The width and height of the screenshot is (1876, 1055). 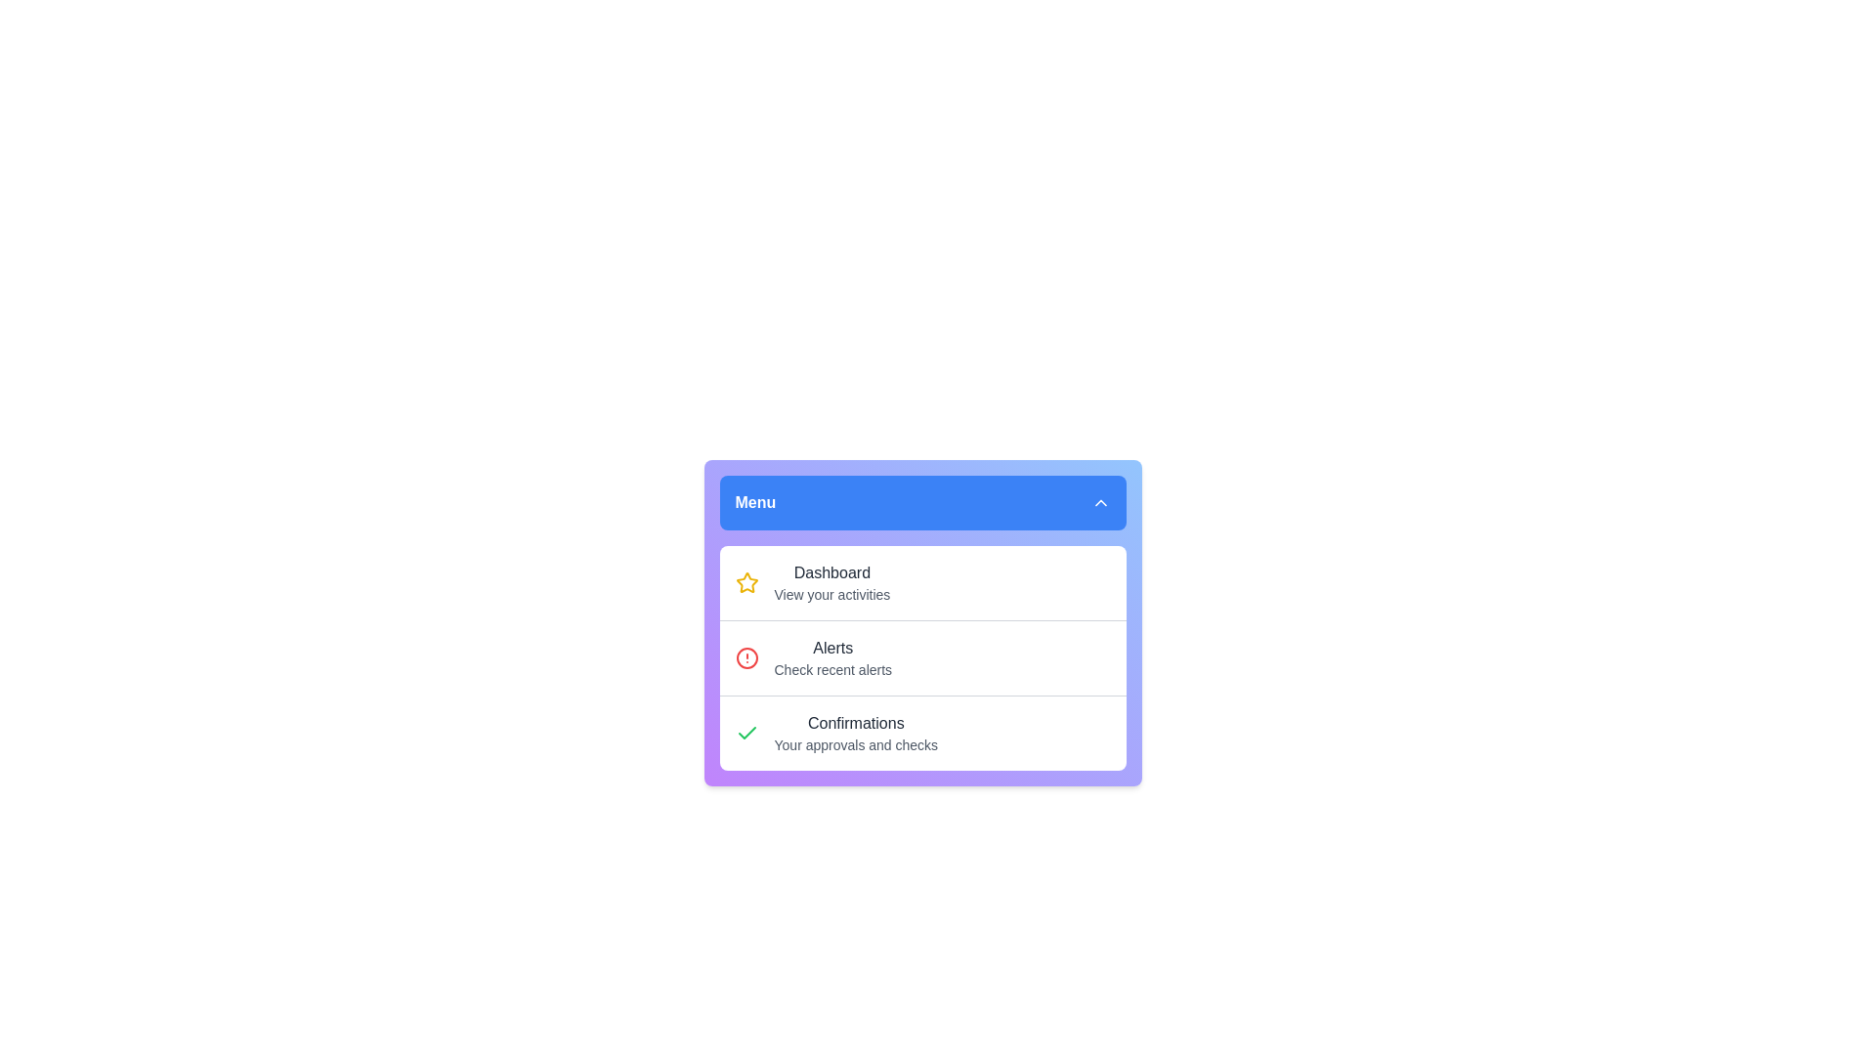 What do you see at coordinates (831, 582) in the screenshot?
I see `displayed information from the Text label with hierarchical information that serves as a navigational link within the menu, located directly beneath the 'Menu' label` at bounding box center [831, 582].